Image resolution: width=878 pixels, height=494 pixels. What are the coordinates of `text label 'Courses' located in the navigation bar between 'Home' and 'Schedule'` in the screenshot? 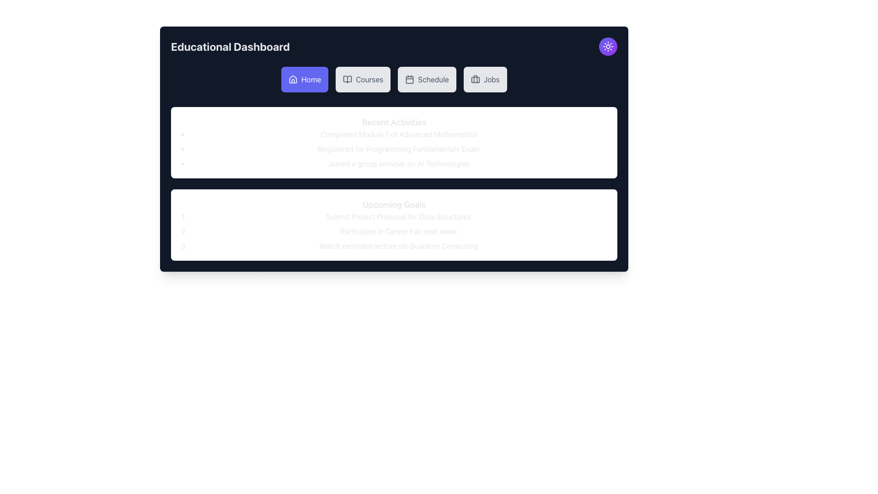 It's located at (369, 79).